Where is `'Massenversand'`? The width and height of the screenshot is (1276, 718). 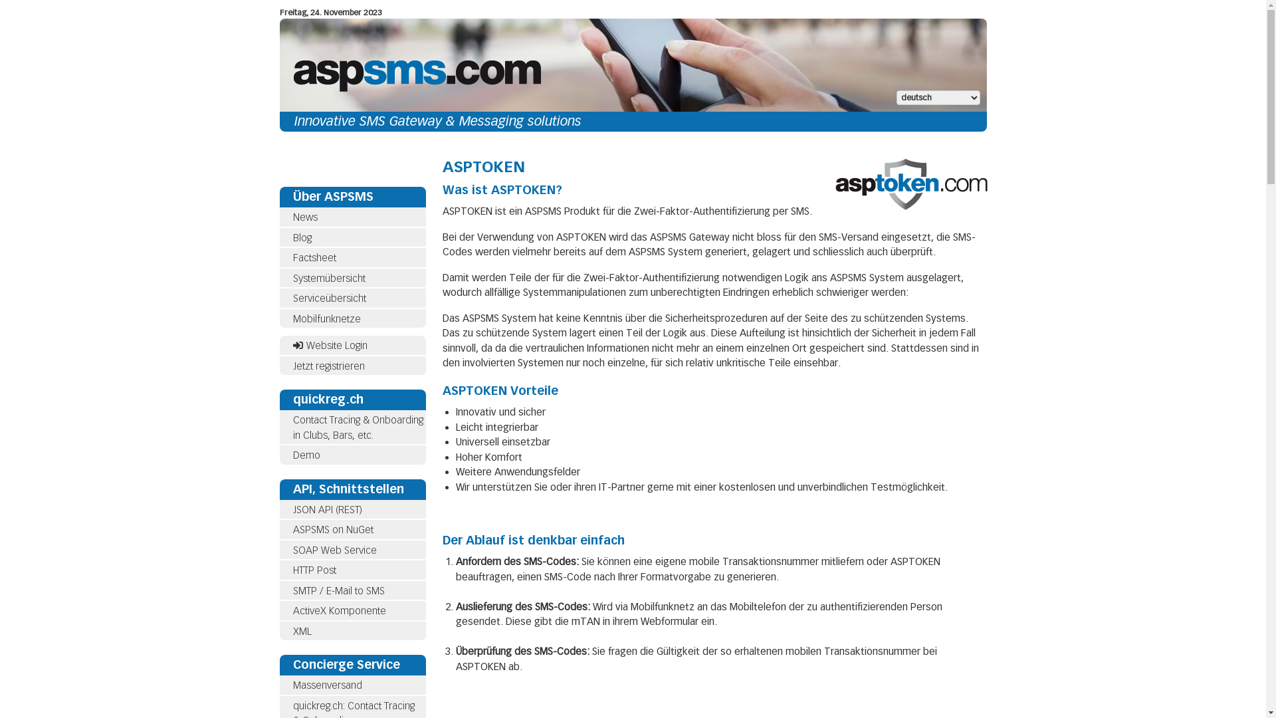
'Massenversand' is located at coordinates (326, 685).